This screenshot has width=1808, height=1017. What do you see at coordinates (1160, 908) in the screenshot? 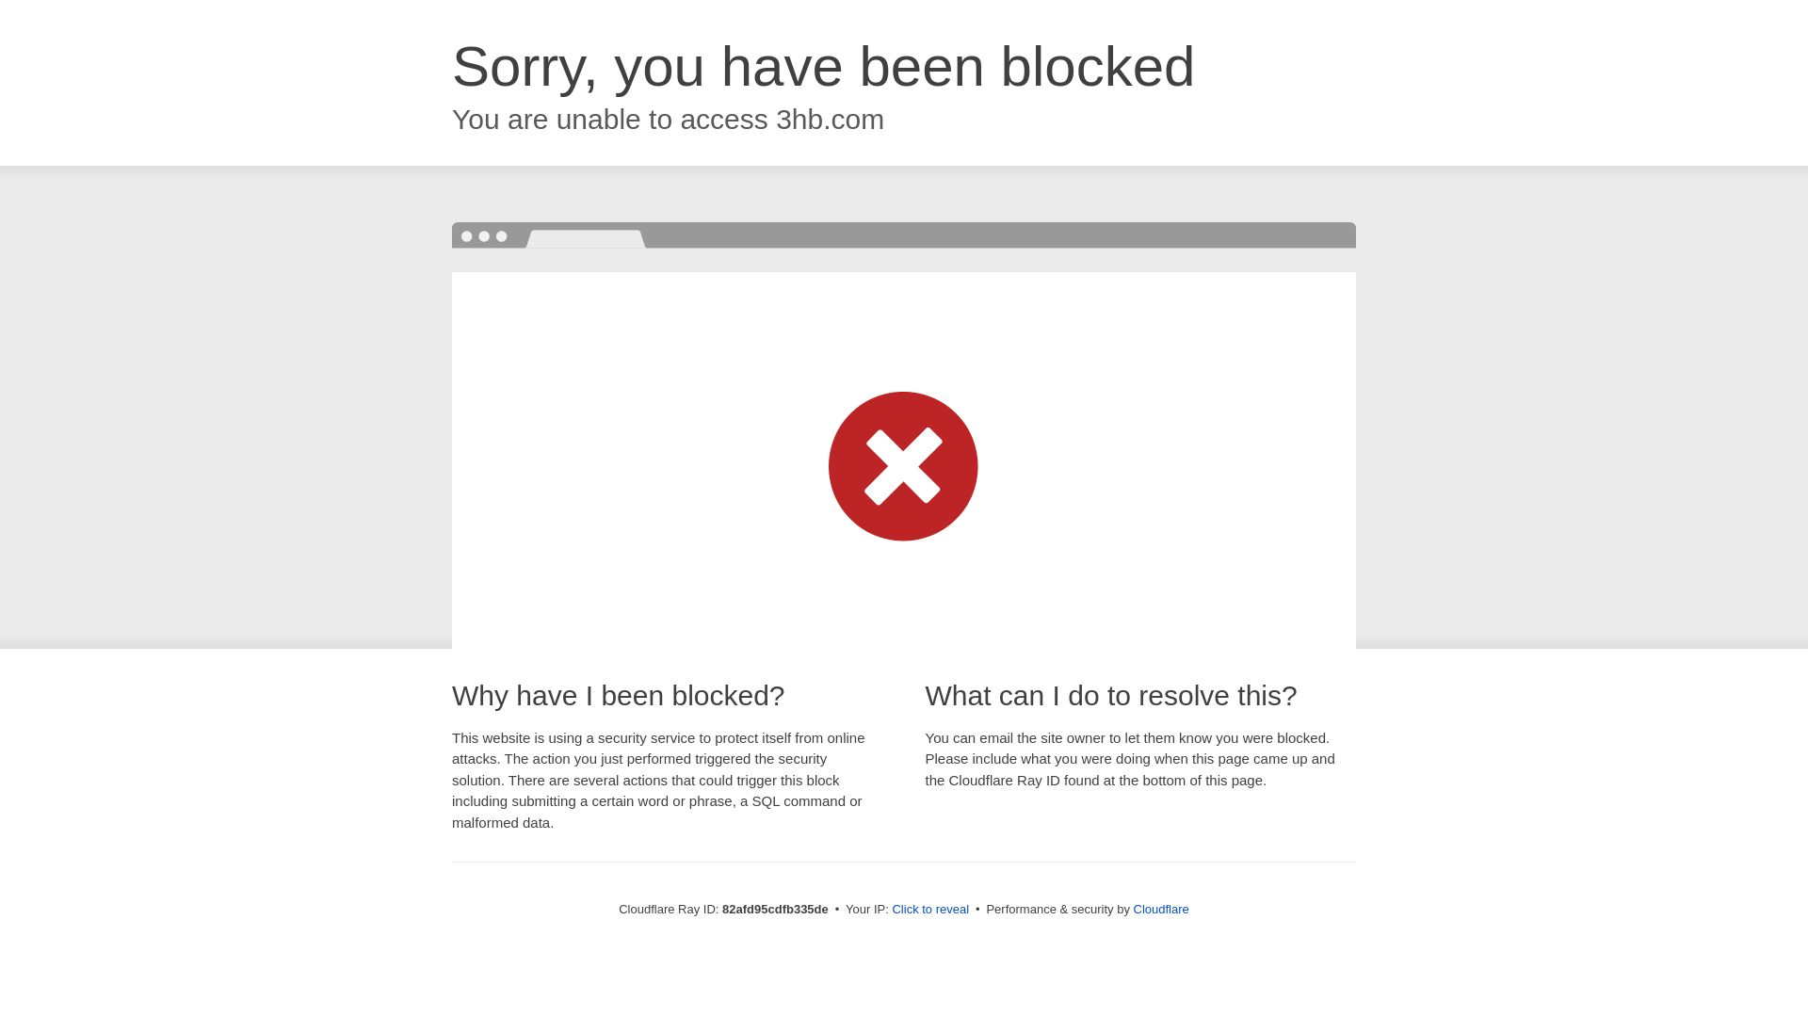
I see `'Cloudflare'` at bounding box center [1160, 908].